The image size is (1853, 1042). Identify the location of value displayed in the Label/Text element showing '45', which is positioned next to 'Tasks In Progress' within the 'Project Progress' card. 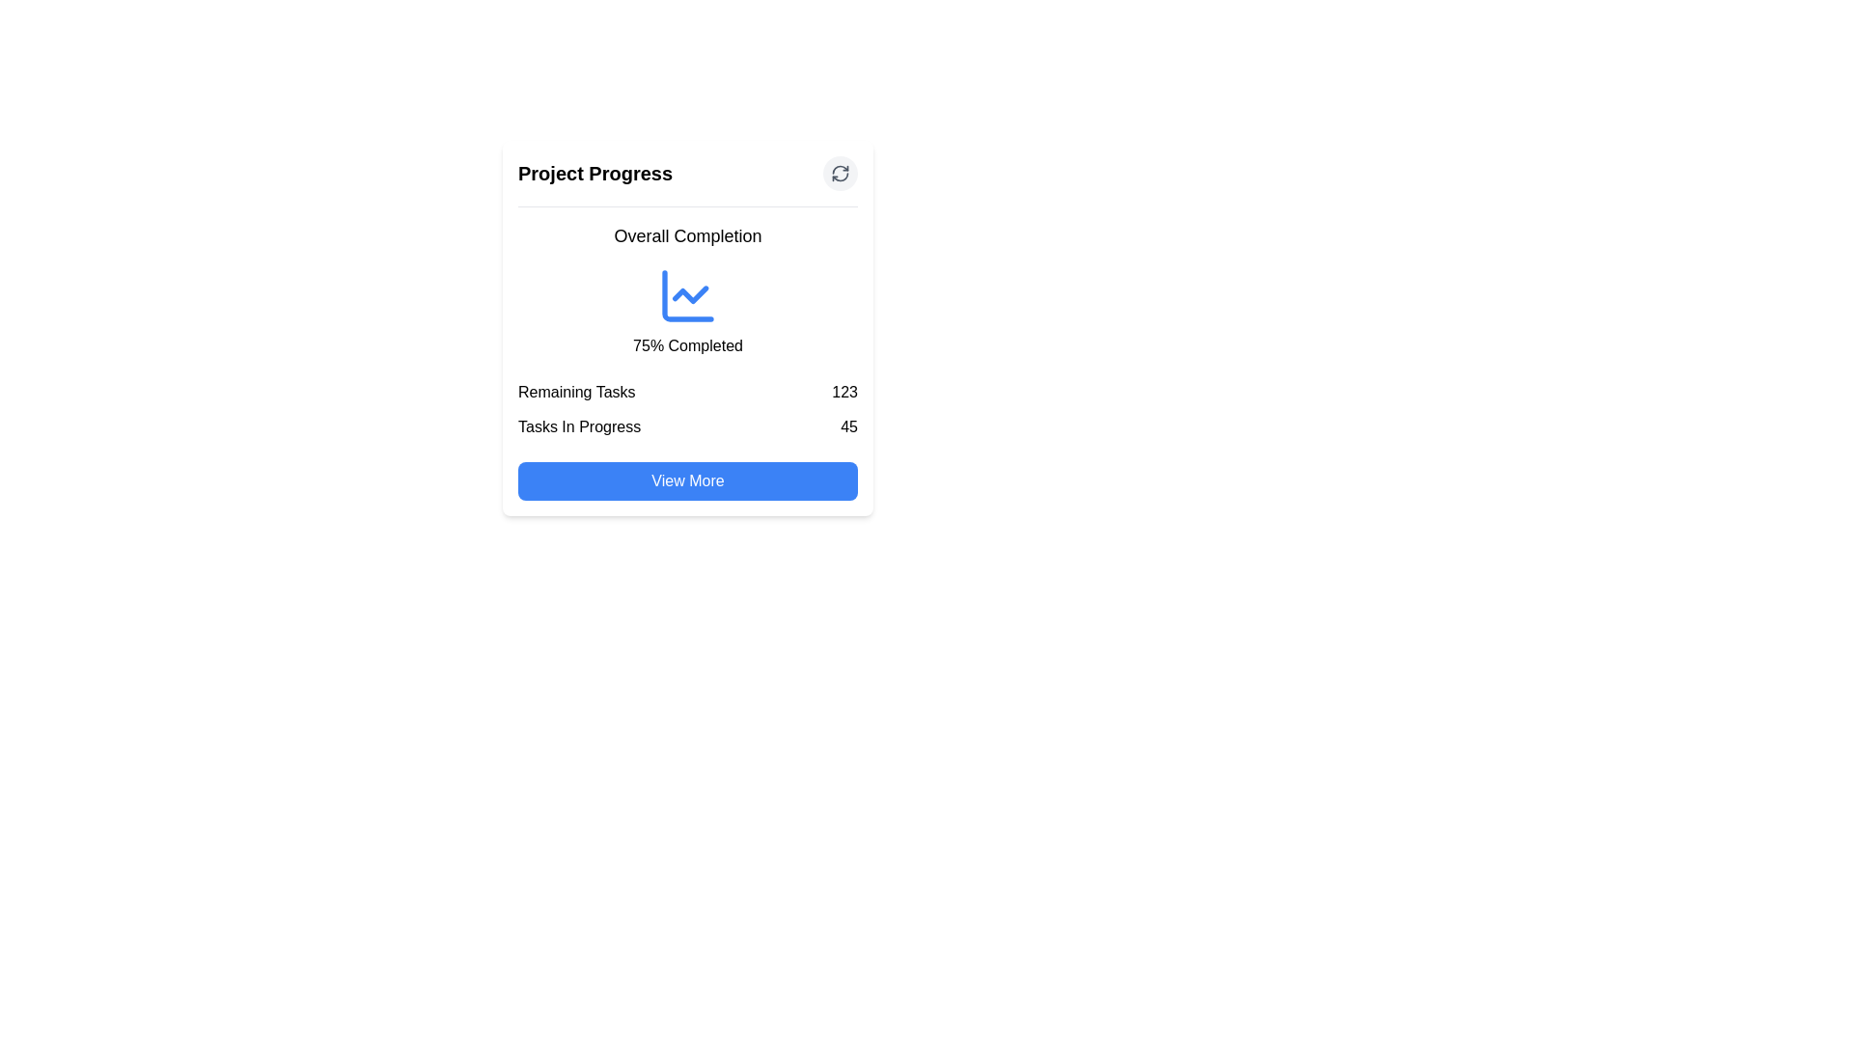
(849, 426).